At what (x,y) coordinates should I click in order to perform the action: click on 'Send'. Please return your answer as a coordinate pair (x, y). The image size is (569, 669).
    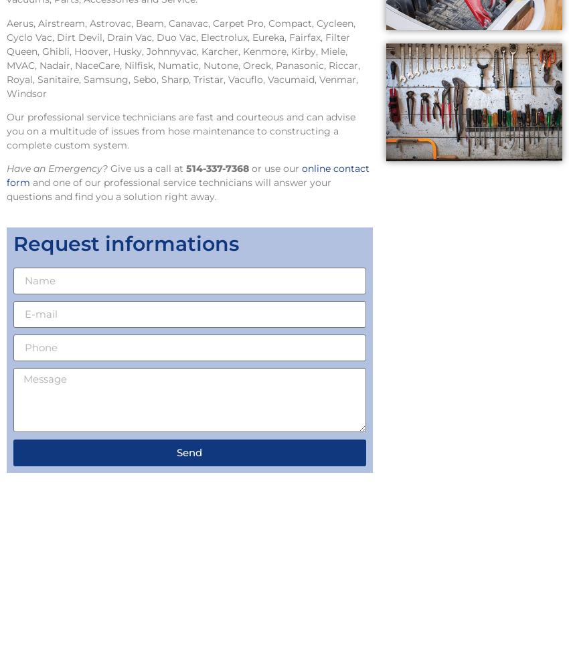
    Looking at the image, I should click on (188, 452).